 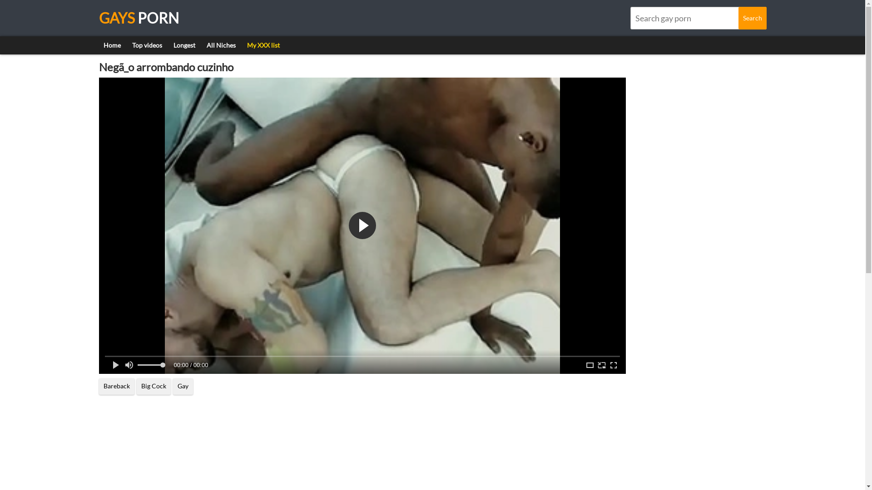 What do you see at coordinates (263, 45) in the screenshot?
I see `'My XXX list'` at bounding box center [263, 45].